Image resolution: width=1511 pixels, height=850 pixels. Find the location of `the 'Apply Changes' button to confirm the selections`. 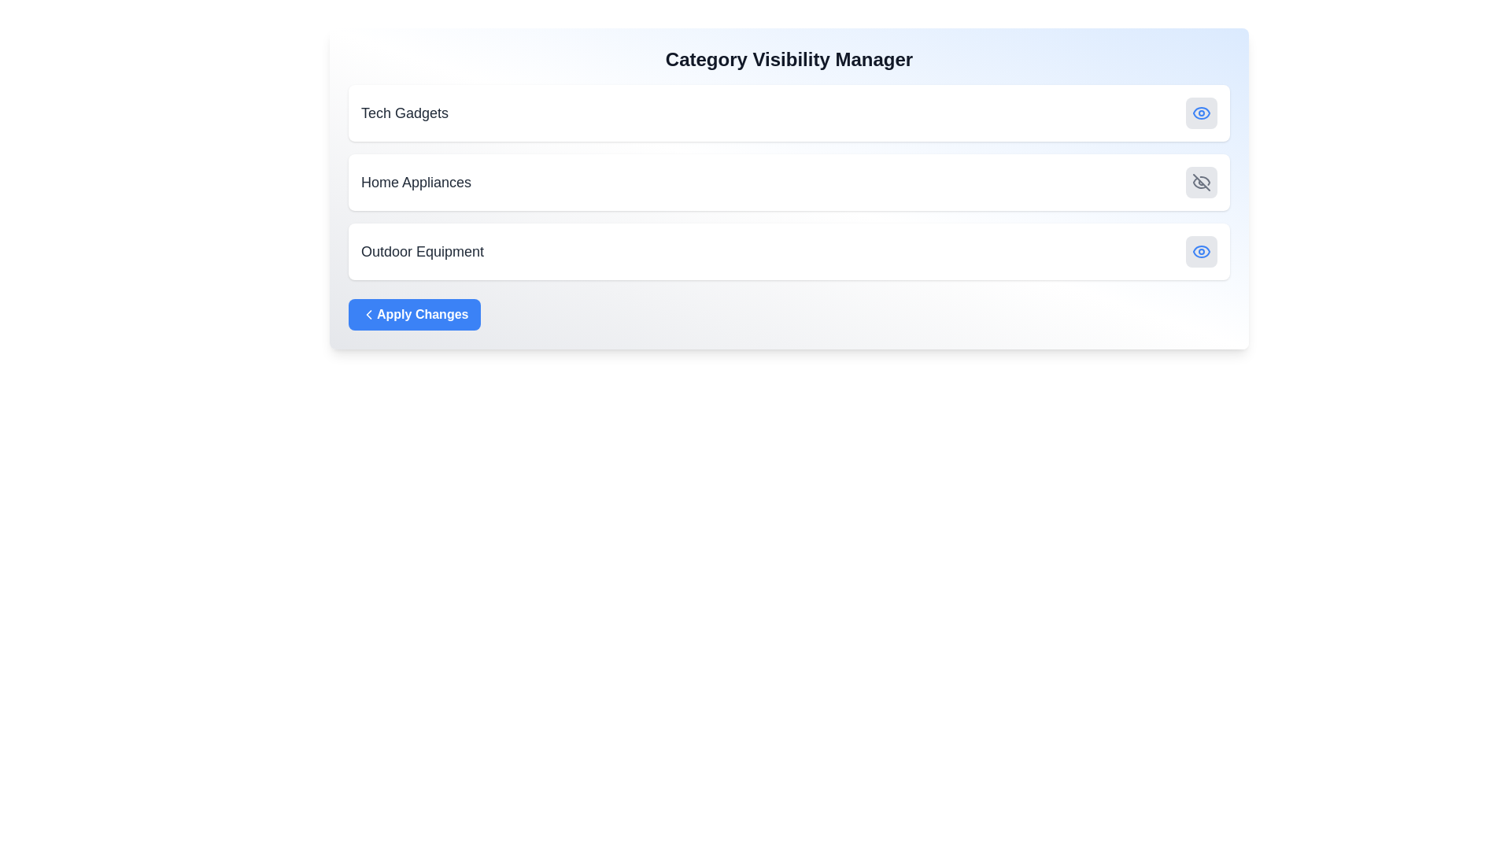

the 'Apply Changes' button to confirm the selections is located at coordinates (415, 315).